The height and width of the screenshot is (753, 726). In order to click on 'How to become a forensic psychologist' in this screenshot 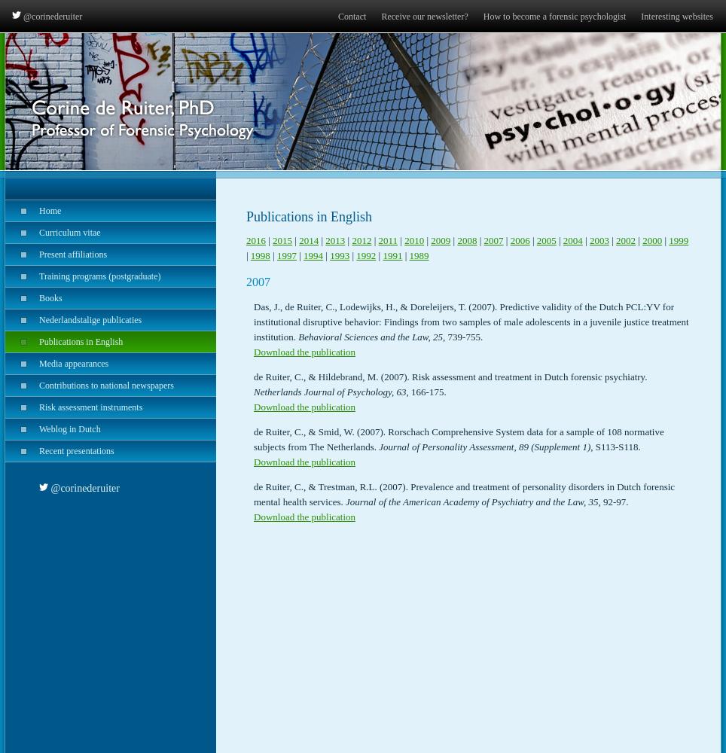, I will do `click(554, 17)`.